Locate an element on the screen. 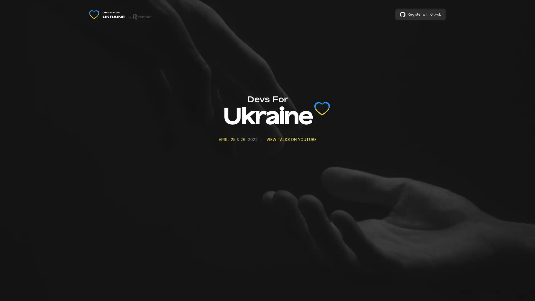  GitHub Register with GitHub is located at coordinates (420, 14).